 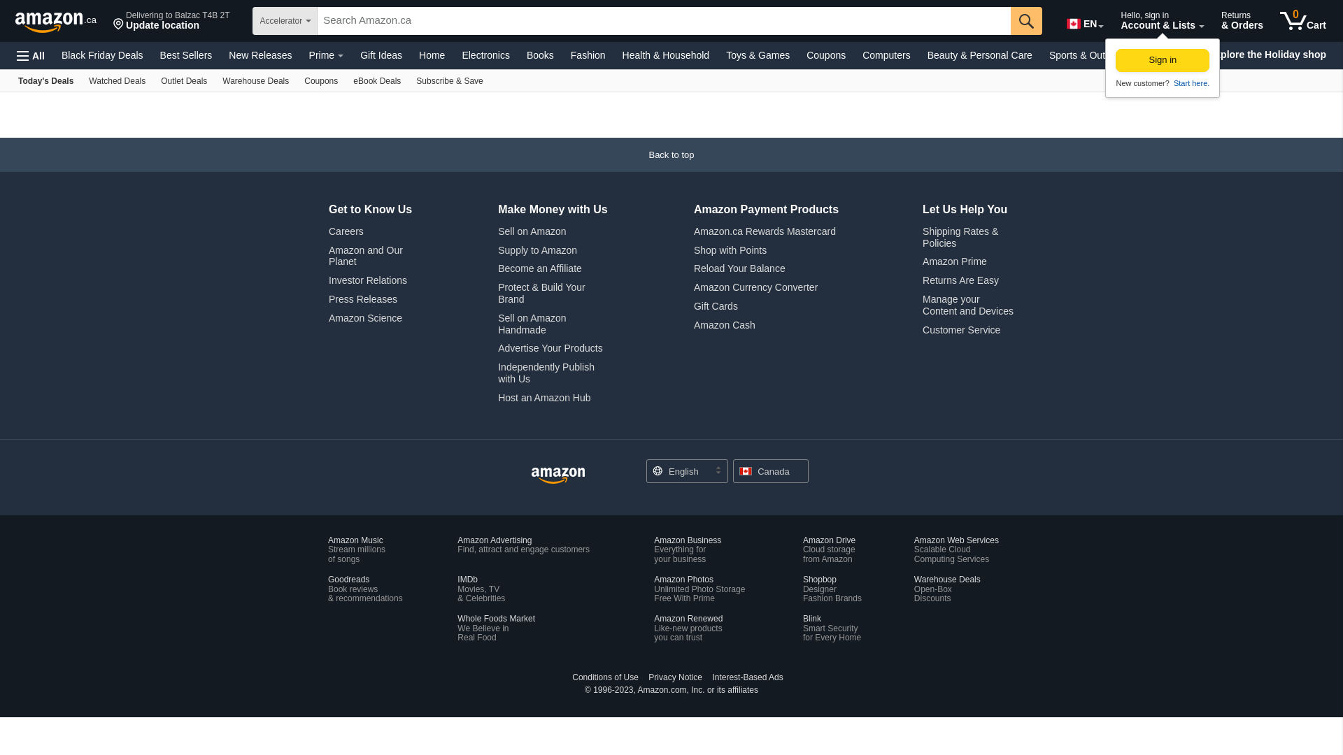 What do you see at coordinates (688, 627) in the screenshot?
I see `'Amazon Renewed` at bounding box center [688, 627].